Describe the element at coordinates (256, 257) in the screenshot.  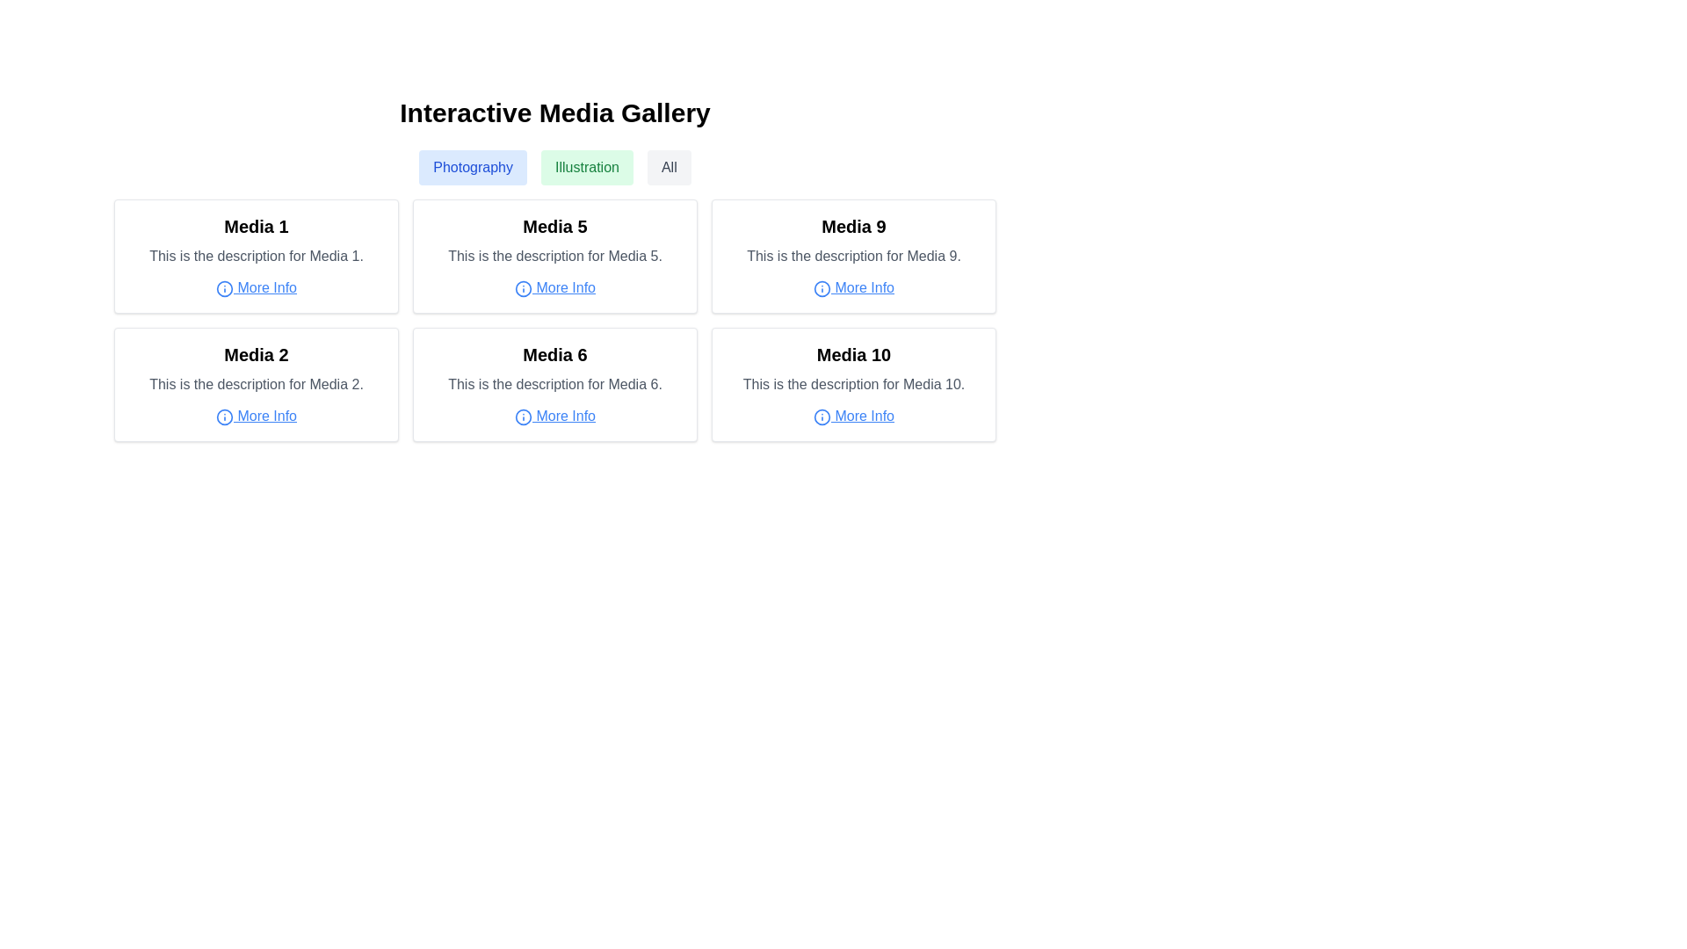
I see `the Text label that provides a brief description for the 'Media 1' item, located directly below the title in the box titled 'Media 1'` at that location.